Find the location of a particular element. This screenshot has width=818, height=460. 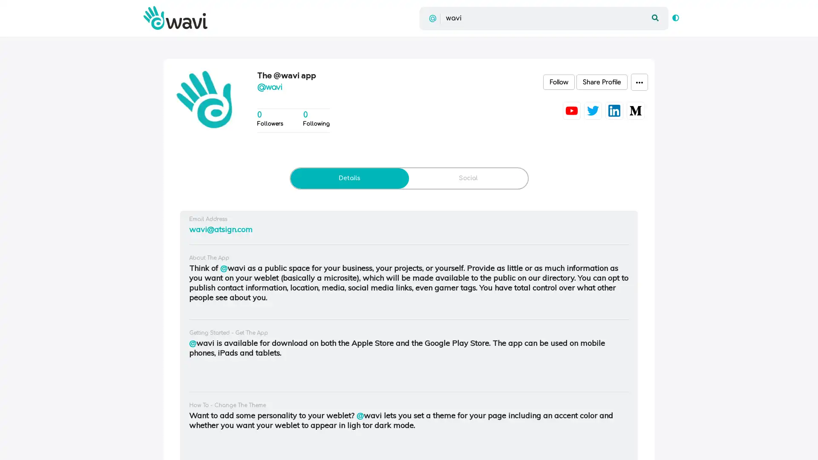

Follow is located at coordinates (559, 82).